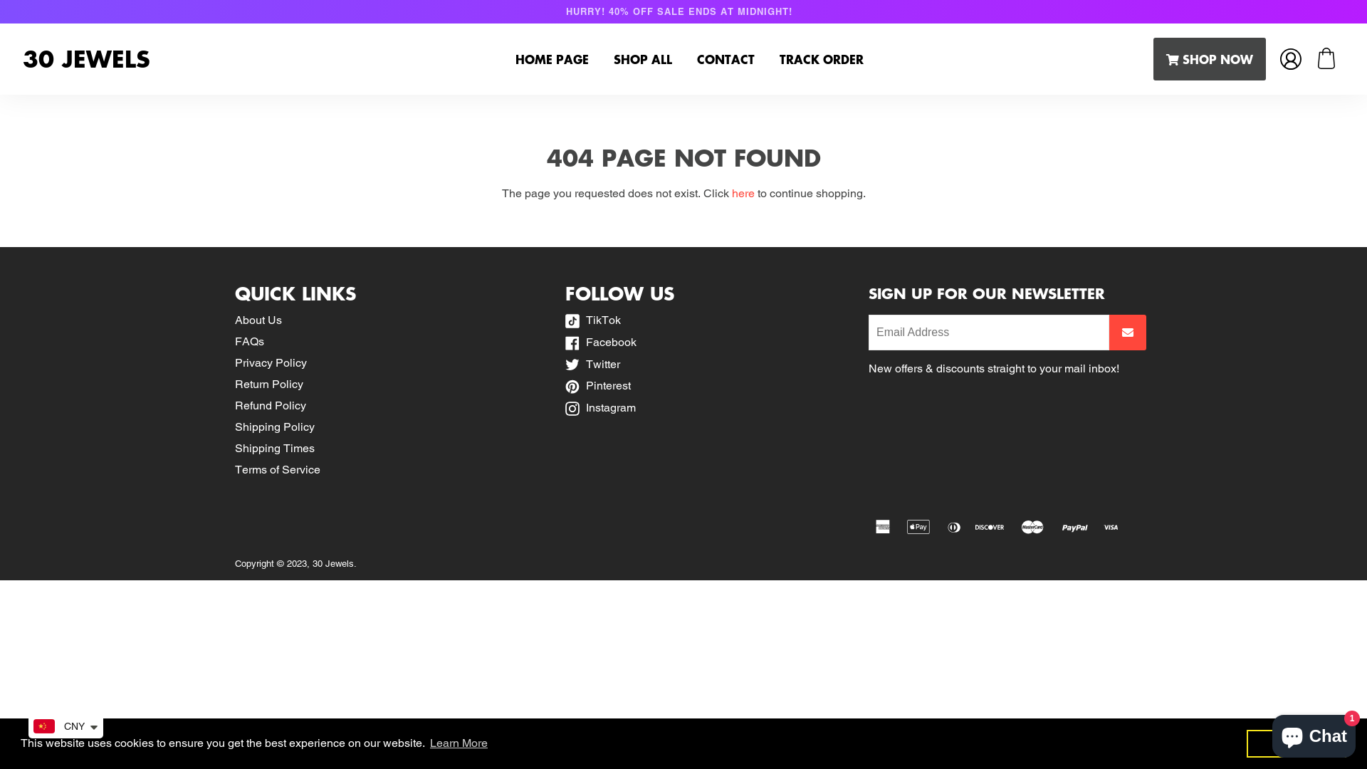 This screenshot has width=1367, height=769. I want to click on 'here', so click(742, 193).